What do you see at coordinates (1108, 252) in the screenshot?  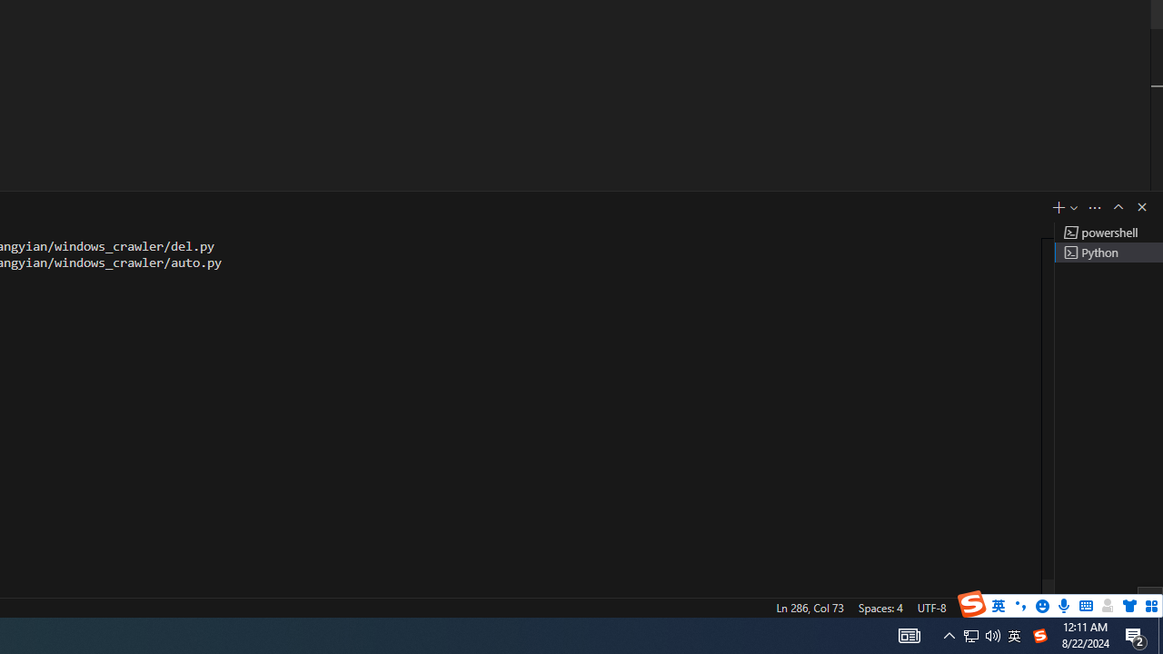 I see `'Terminal 5 Python'` at bounding box center [1108, 252].